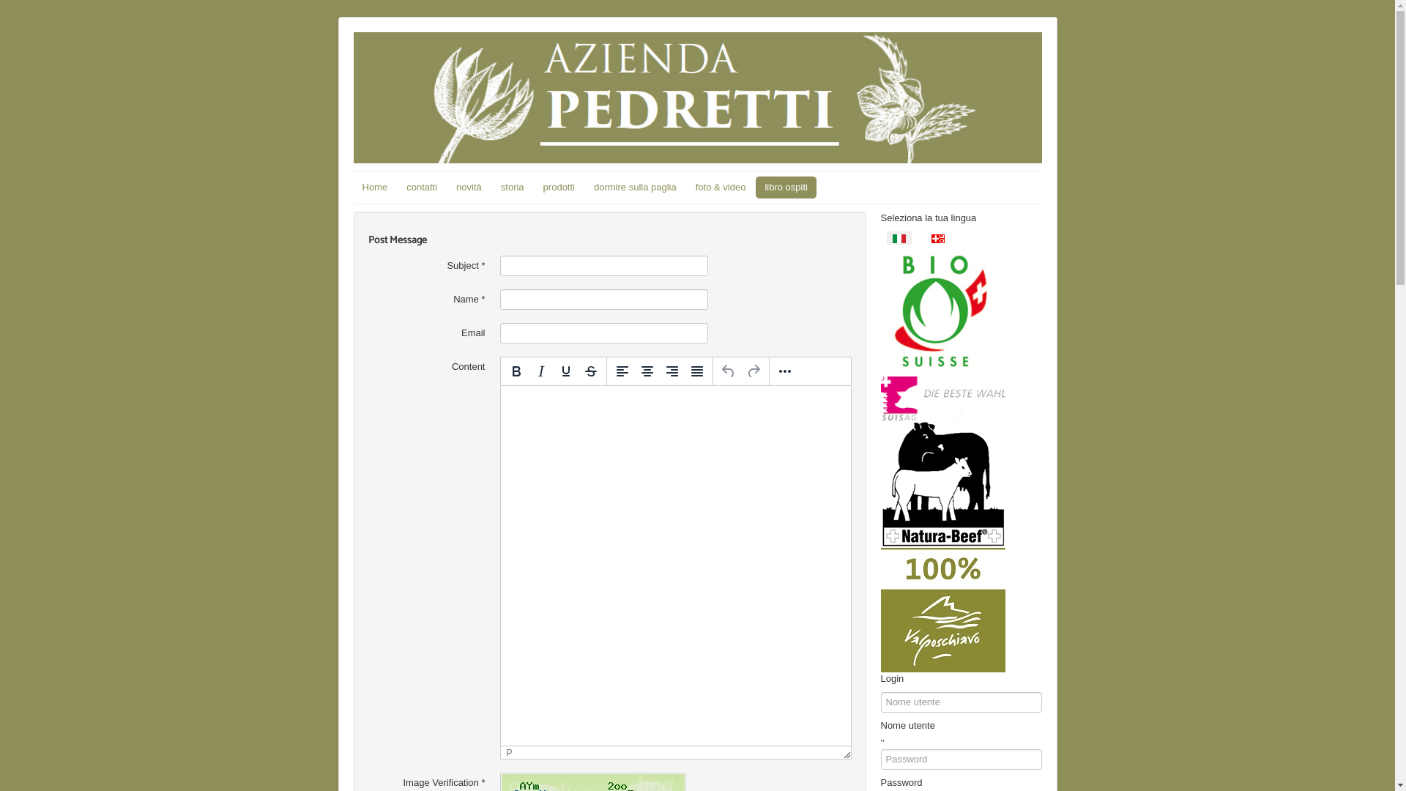 The height and width of the screenshot is (791, 1406). Describe the element at coordinates (753, 370) in the screenshot. I see `'Ripristina'` at that location.